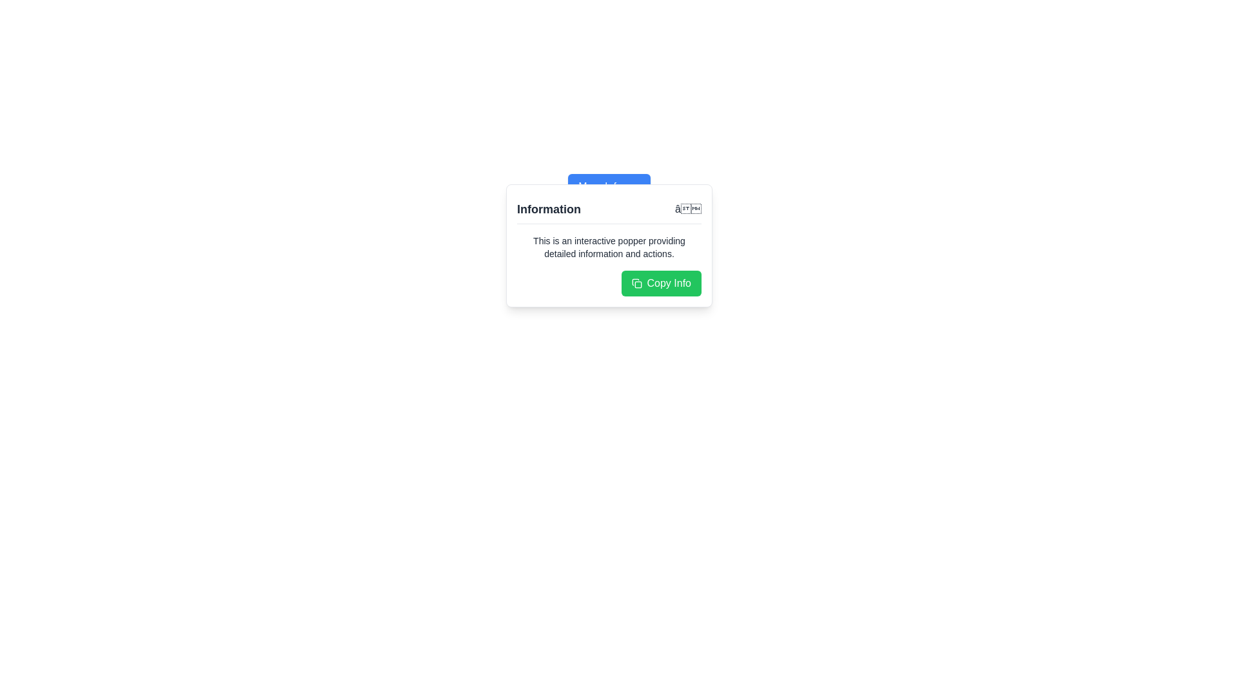  I want to click on the 'Copy Info' button, which is a prominent rectangular button with rounded corners, vibrant green background, and white text including a clipboard icon, located in the bottom-right corner of a pop-up modal, so click(661, 282).